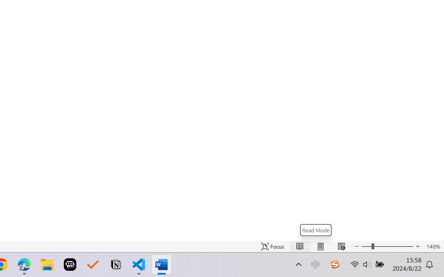 The image size is (444, 277). What do you see at coordinates (357, 246) in the screenshot?
I see `'Decrease Text Size'` at bounding box center [357, 246].